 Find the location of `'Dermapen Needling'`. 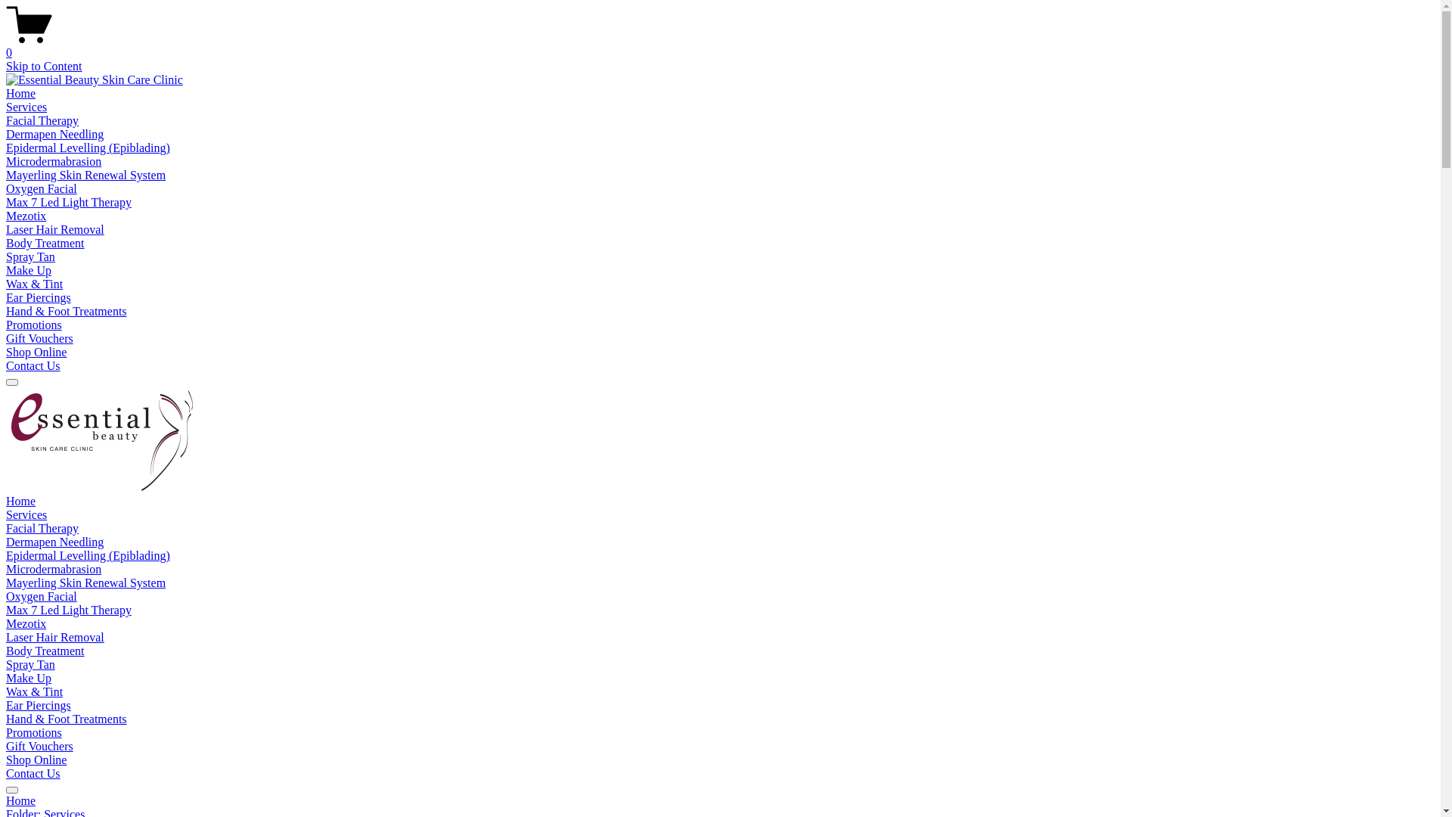

'Dermapen Needling' is located at coordinates (6, 541).